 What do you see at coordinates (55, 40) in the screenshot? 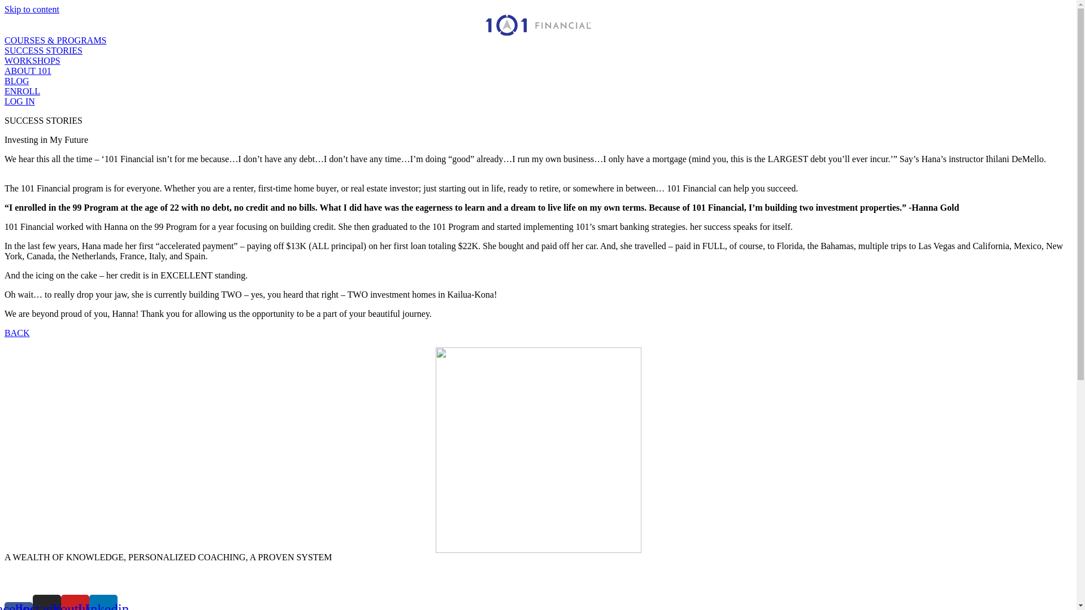
I see `'COURSES & PROGRAMS'` at bounding box center [55, 40].